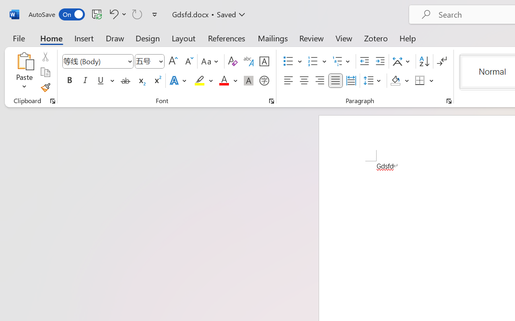 The image size is (515, 321). I want to click on 'Font Color Red', so click(224, 81).